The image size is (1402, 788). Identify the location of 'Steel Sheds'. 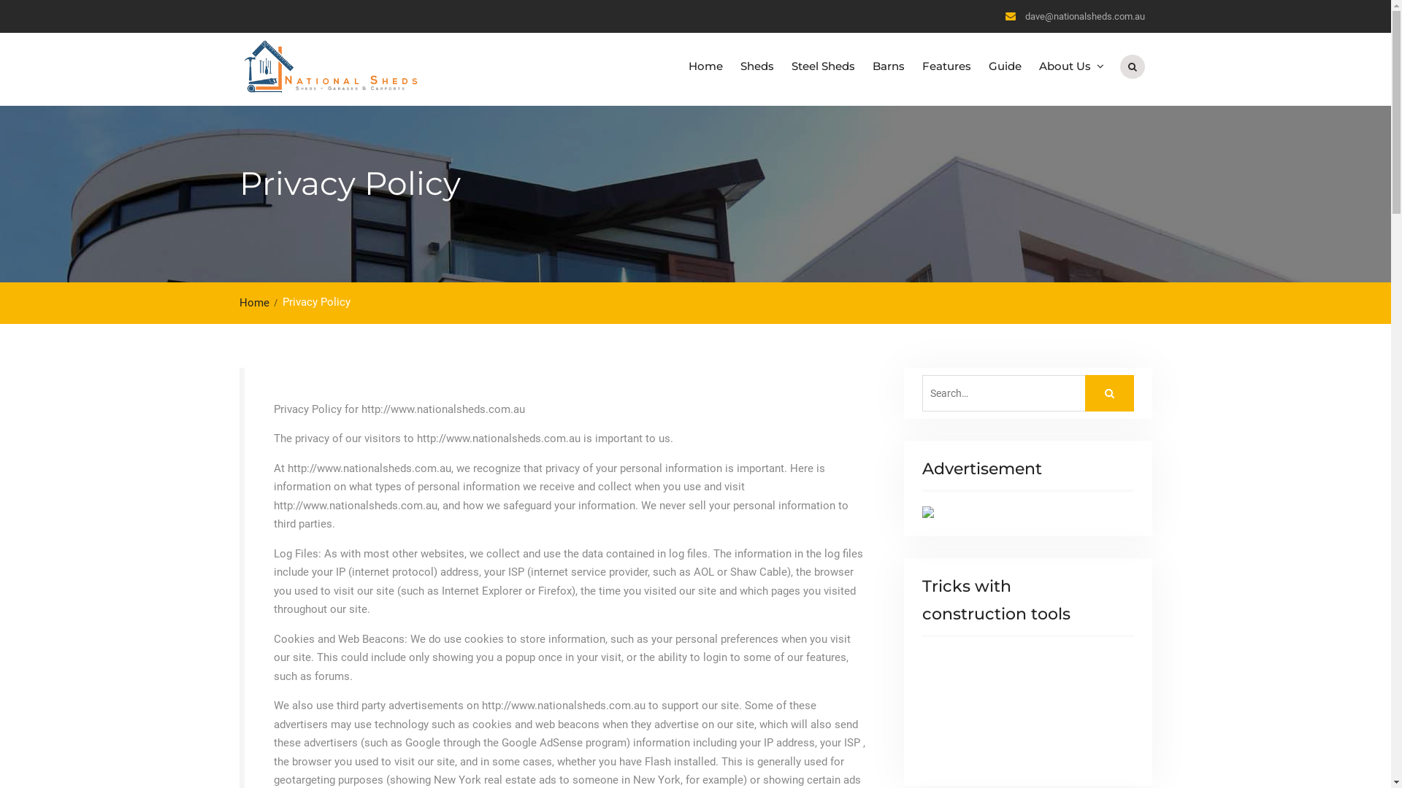
(781, 66).